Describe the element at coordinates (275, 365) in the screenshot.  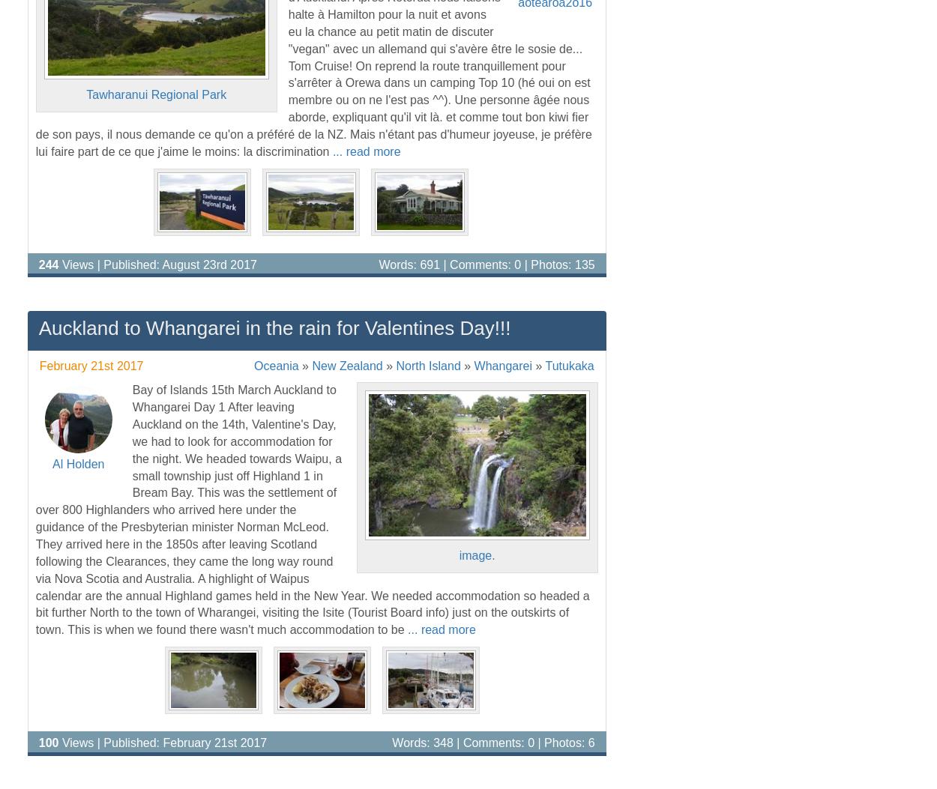
I see `'Oceania'` at that location.